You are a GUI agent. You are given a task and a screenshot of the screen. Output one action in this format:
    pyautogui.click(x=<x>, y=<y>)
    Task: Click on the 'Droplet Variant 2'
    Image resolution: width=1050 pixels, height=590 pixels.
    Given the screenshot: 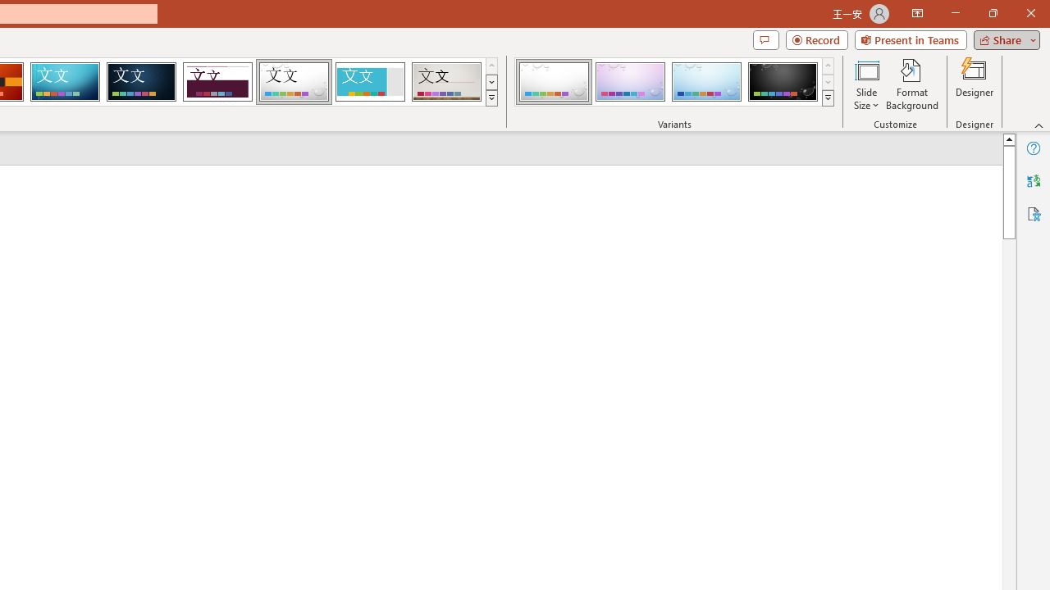 What is the action you would take?
    pyautogui.click(x=629, y=82)
    